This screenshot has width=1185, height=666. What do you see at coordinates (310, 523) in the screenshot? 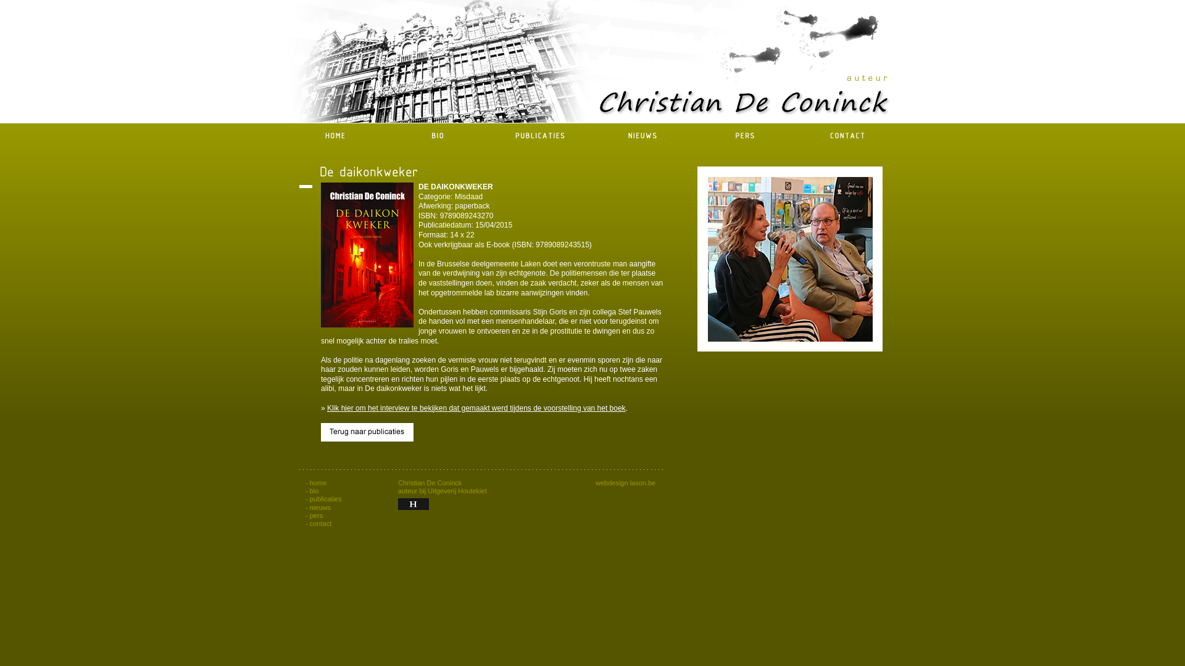
I see `'contact'` at bounding box center [310, 523].